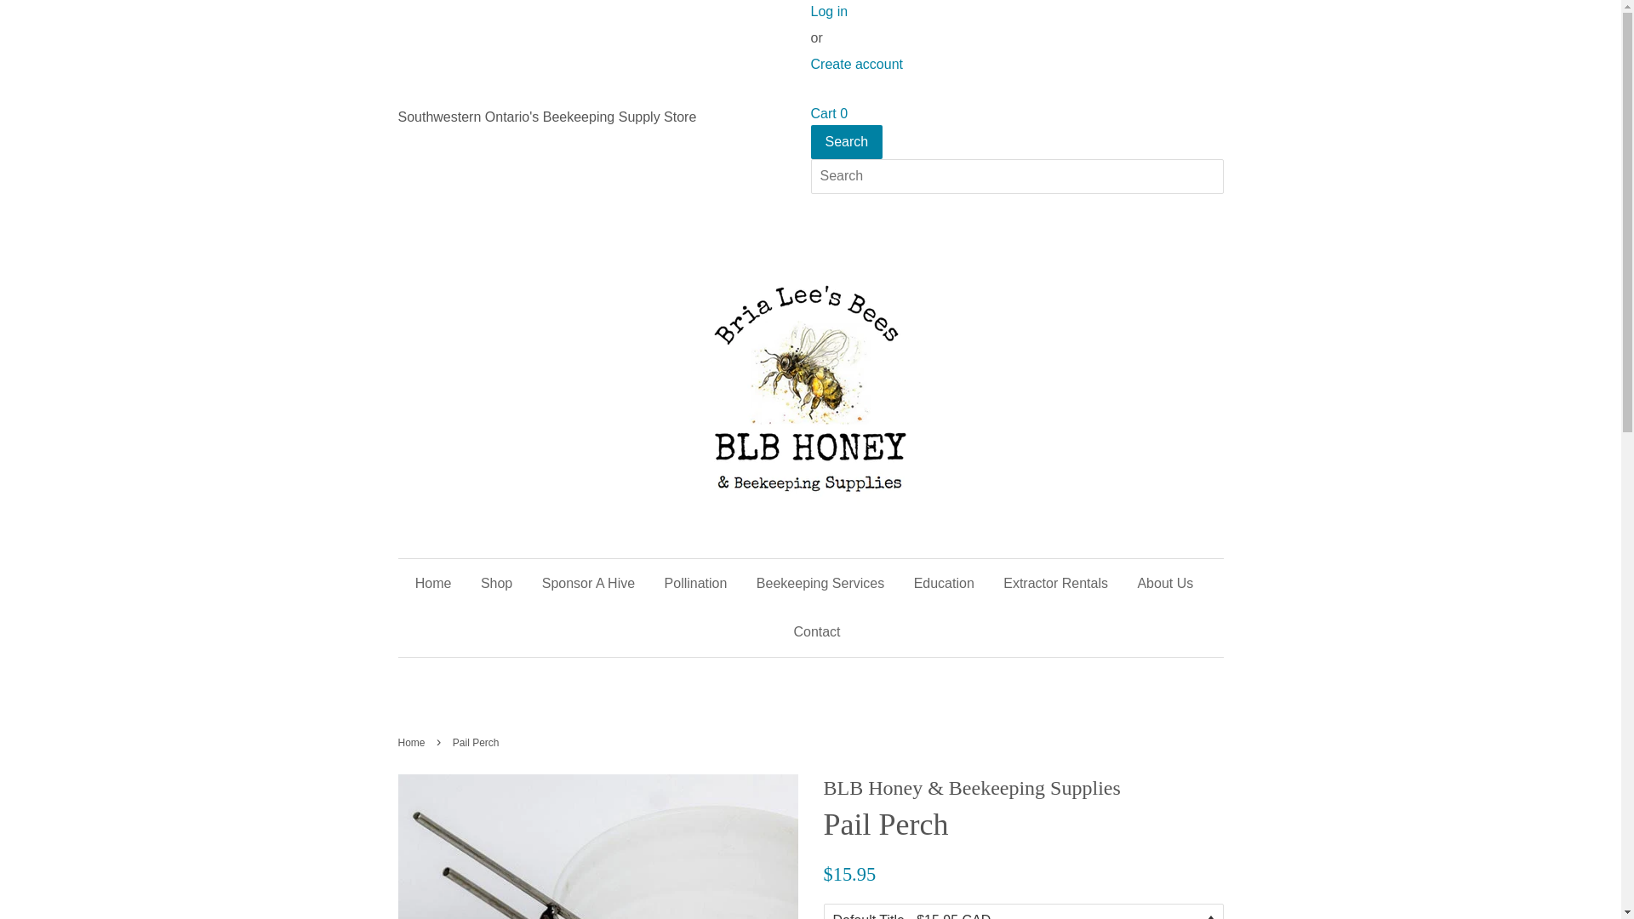 This screenshot has height=919, width=1634. I want to click on 'Beekeeping Services', so click(820, 582).